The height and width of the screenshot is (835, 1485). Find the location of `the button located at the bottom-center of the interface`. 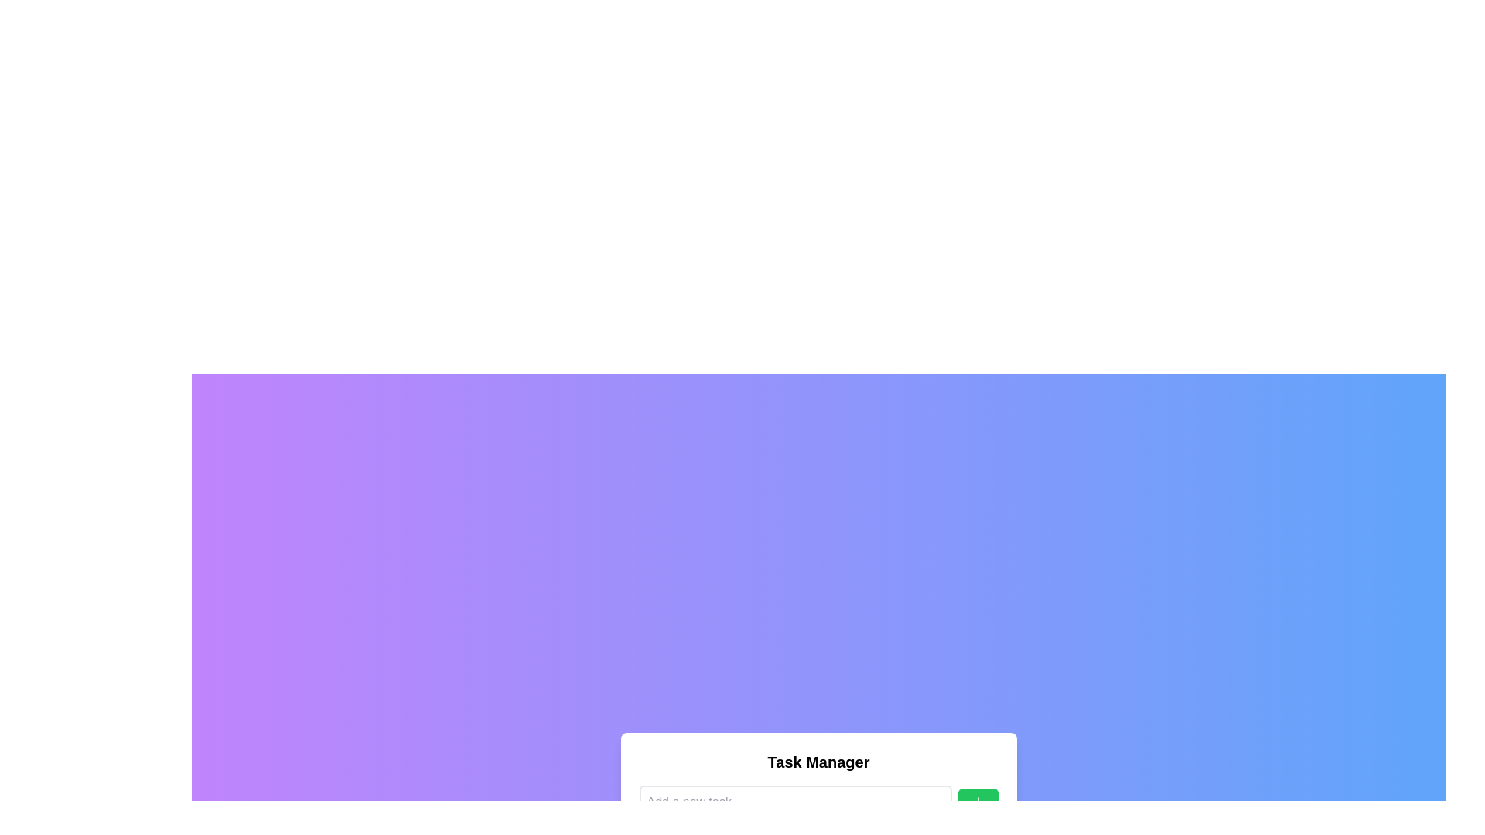

the button located at the bottom-center of the interface is located at coordinates (977, 801).